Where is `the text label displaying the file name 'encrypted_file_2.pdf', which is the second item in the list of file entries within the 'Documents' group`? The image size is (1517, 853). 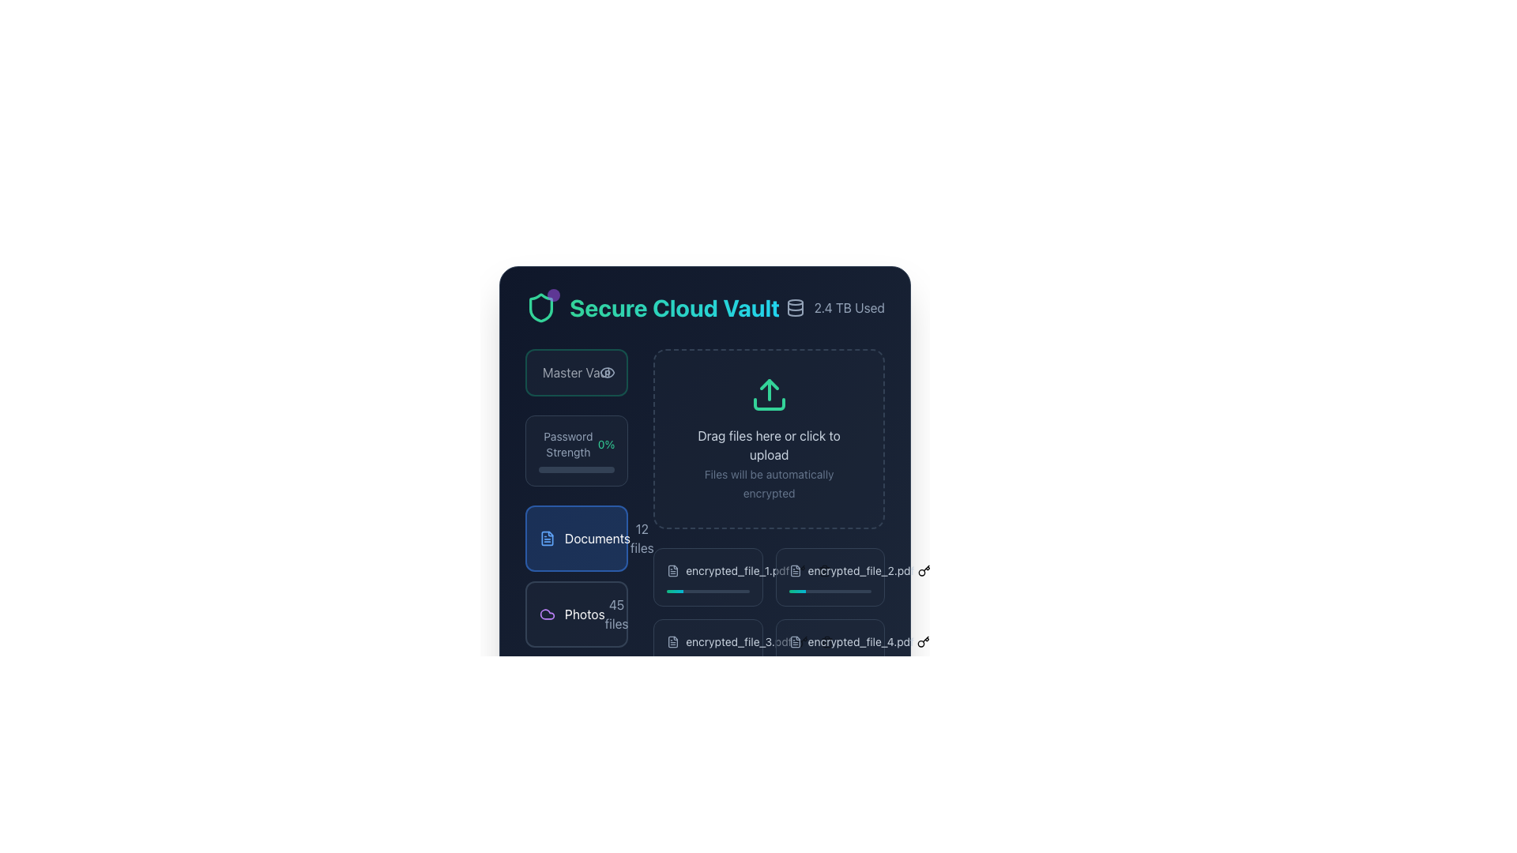
the text label displaying the file name 'encrypted_file_2.pdf', which is the second item in the list of file entries within the 'Documents' group is located at coordinates (829, 570).